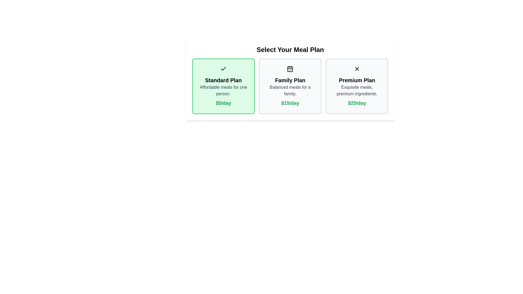  Describe the element at coordinates (290, 103) in the screenshot. I see `pricing text '$15/day' displayed in bold green font at the bottom of the 'Family Plan' card, which is the middle card among three plan offerings` at that location.